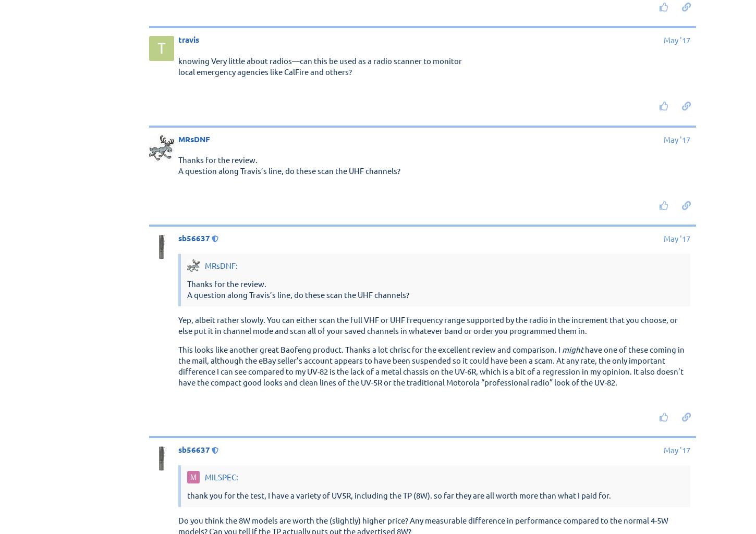  Describe the element at coordinates (220, 265) in the screenshot. I see `'MRsDNF:'` at that location.